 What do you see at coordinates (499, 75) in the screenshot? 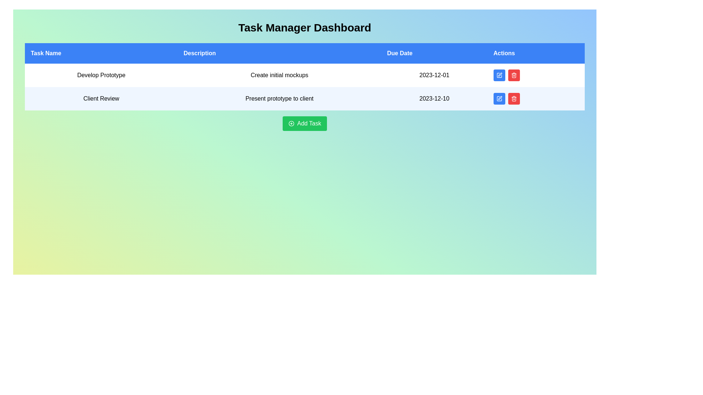
I see `the pen icon within the clickable button in the 'Actions' column of the 'Develop Prototype' task row to initiate an edit action` at bounding box center [499, 75].